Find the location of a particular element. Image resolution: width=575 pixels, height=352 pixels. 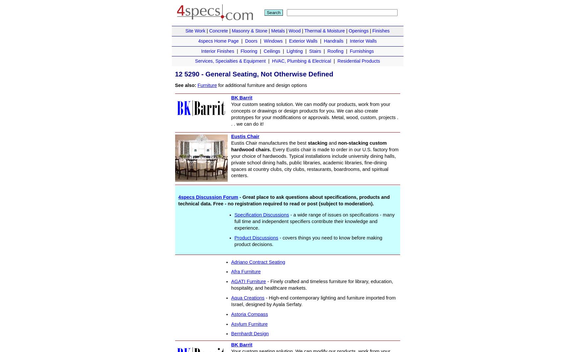

'Site Work' is located at coordinates (195, 31).